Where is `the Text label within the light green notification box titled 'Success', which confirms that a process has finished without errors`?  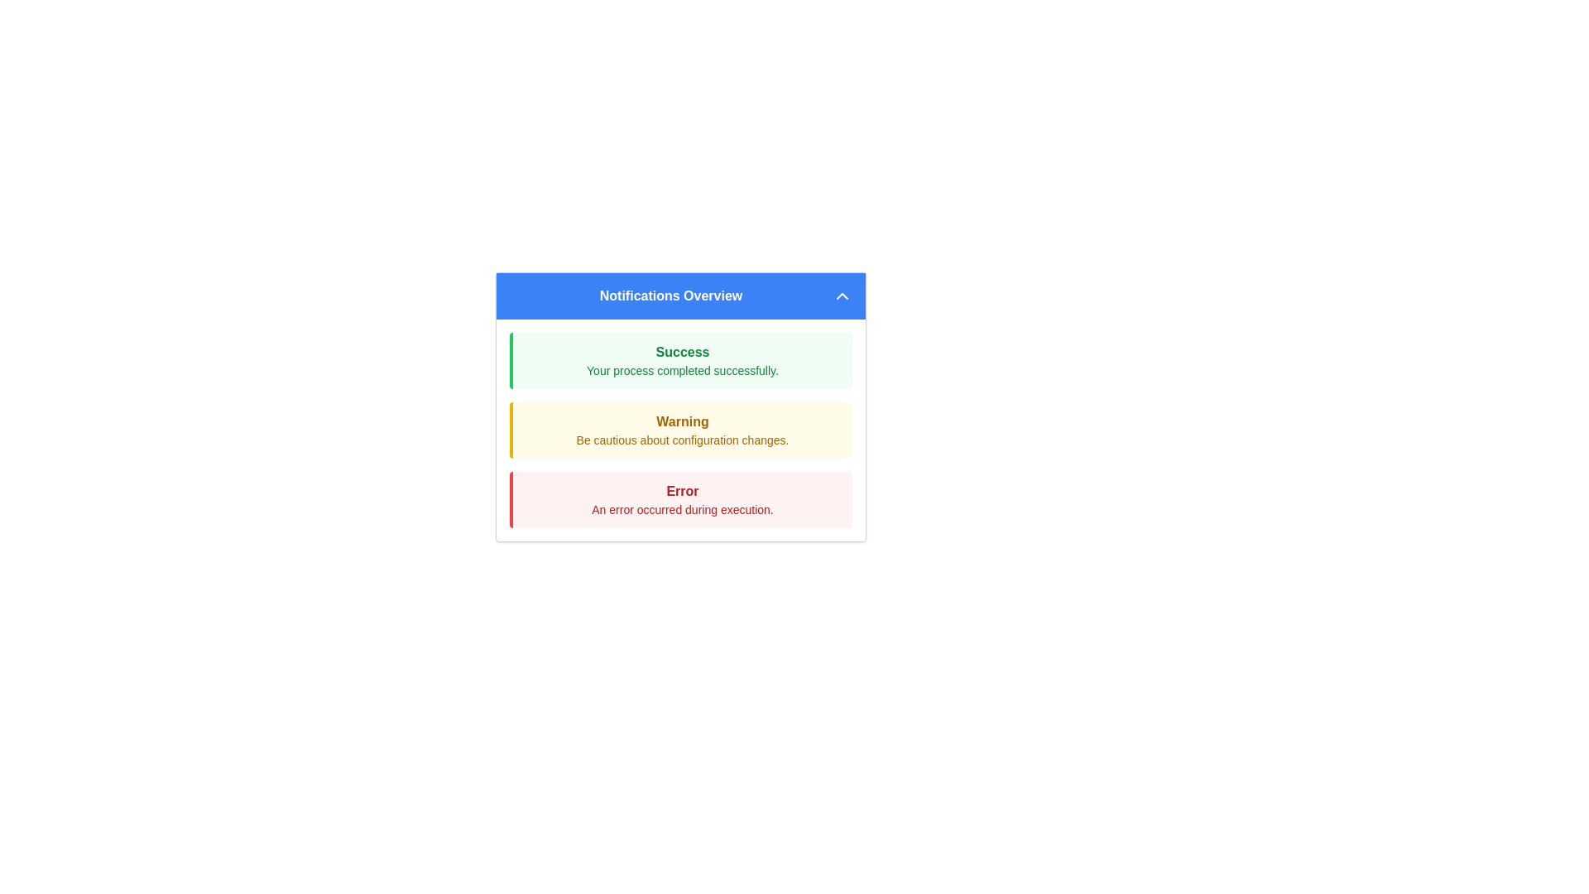
the Text label within the light green notification box titled 'Success', which confirms that a process has finished without errors is located at coordinates (683, 369).